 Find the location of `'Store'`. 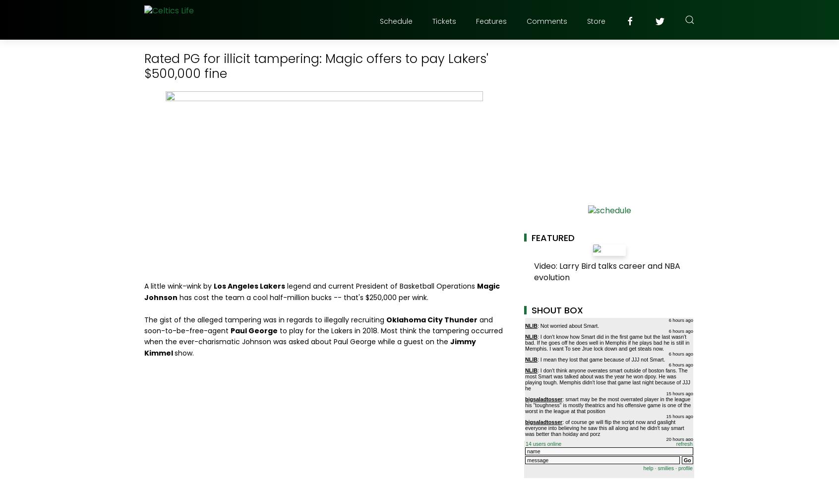

'Store' is located at coordinates (596, 21).